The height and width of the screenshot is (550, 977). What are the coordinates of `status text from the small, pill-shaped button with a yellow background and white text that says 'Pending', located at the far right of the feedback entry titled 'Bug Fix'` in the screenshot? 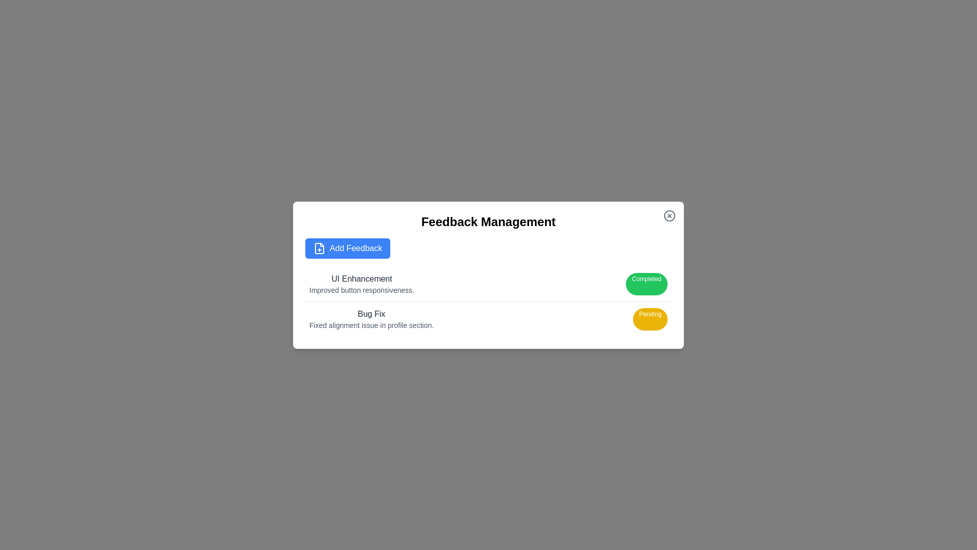 It's located at (649, 318).